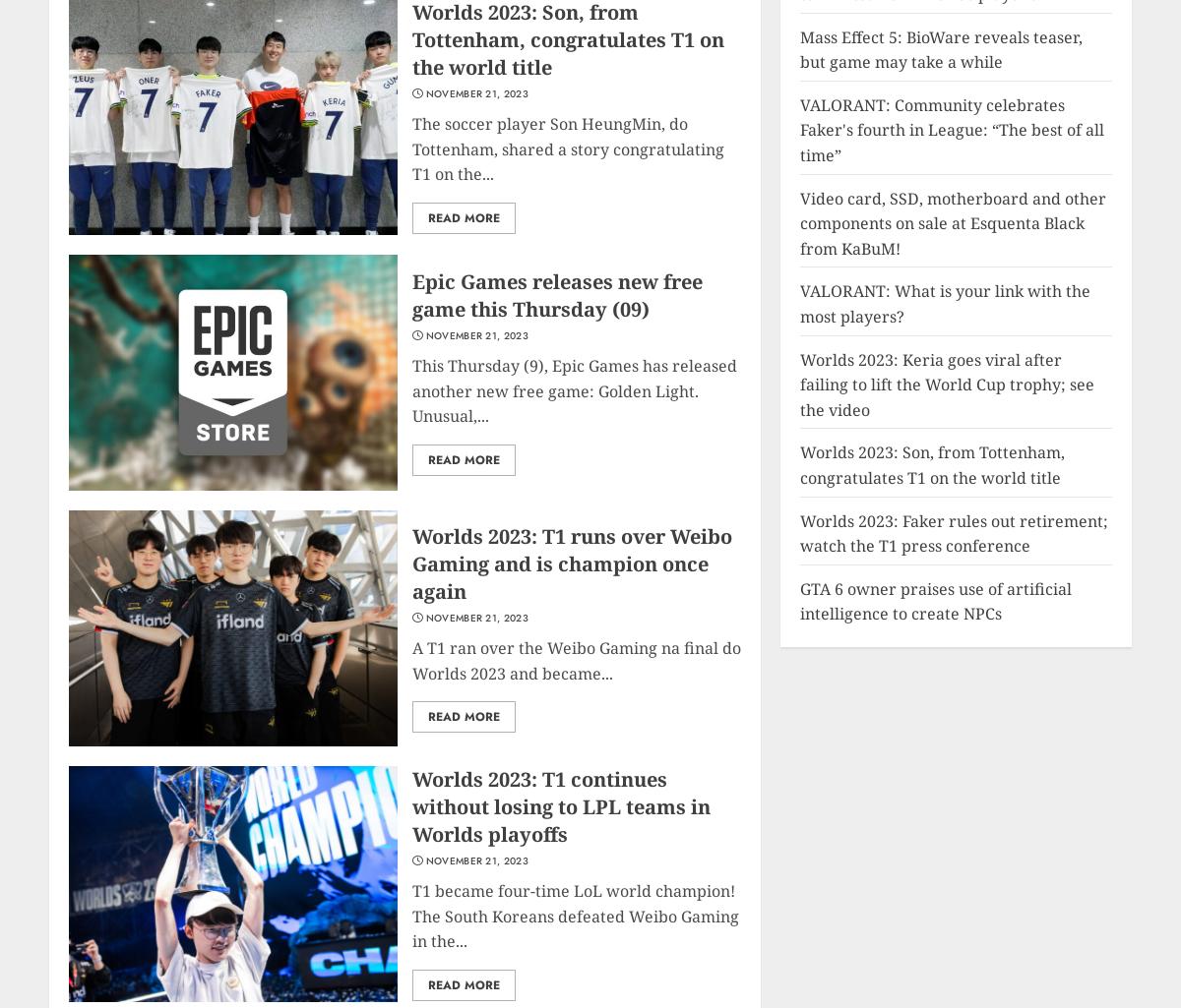 This screenshot has width=1181, height=1008. I want to click on 'VALORANT: Community celebrates Faker's fourth in League: “The best of all time”', so click(952, 130).